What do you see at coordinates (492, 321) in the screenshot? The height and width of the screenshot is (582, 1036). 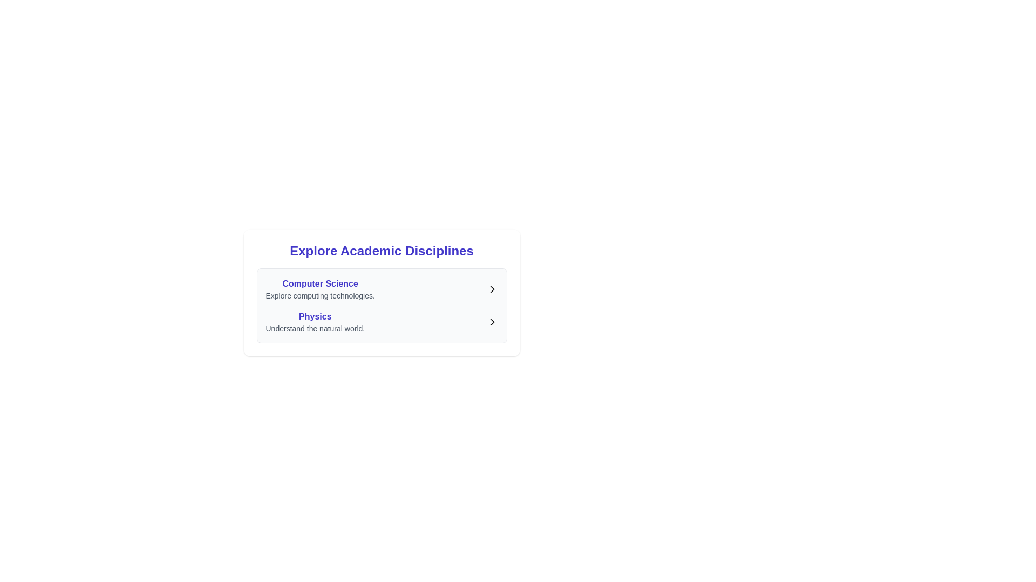 I see `the rightward pointing chevron icon located at the extreme right of the 'Physics - Understand the natural world' navigation group, which is styled with a thin arrow design` at bounding box center [492, 321].